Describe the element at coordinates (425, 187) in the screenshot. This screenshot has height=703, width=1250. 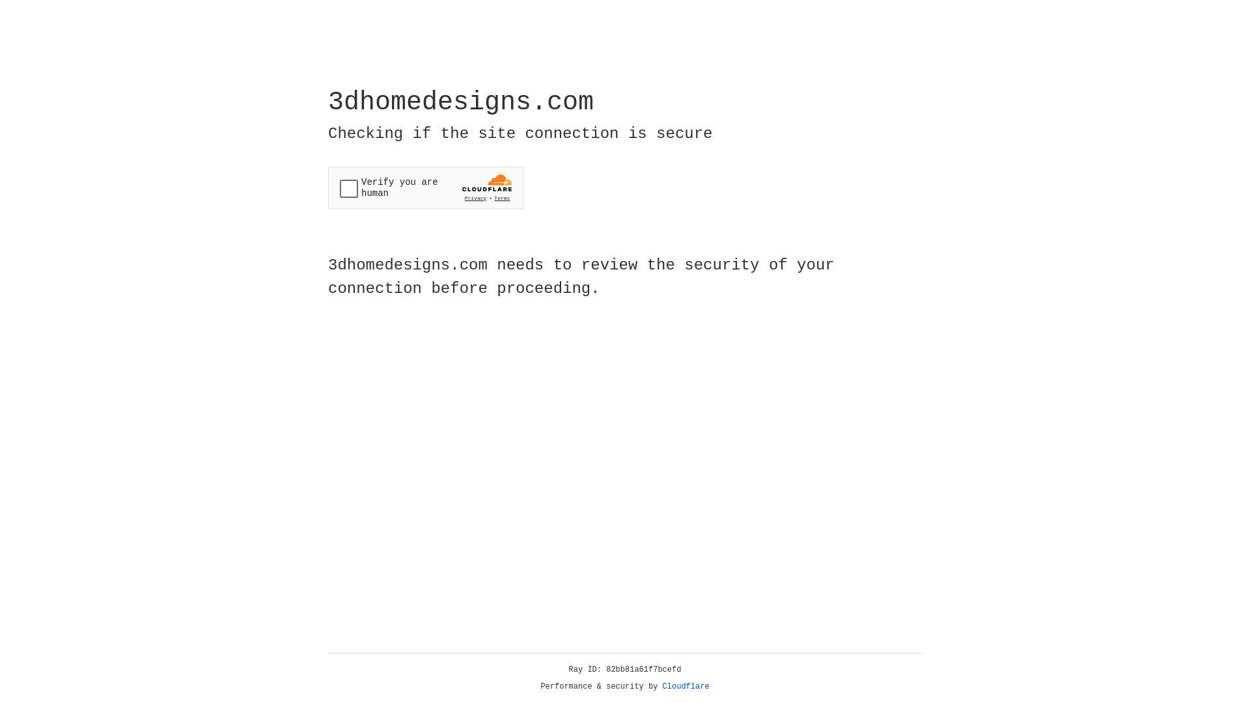
I see `'Widget containing a Cloudflare security challenge'` at that location.